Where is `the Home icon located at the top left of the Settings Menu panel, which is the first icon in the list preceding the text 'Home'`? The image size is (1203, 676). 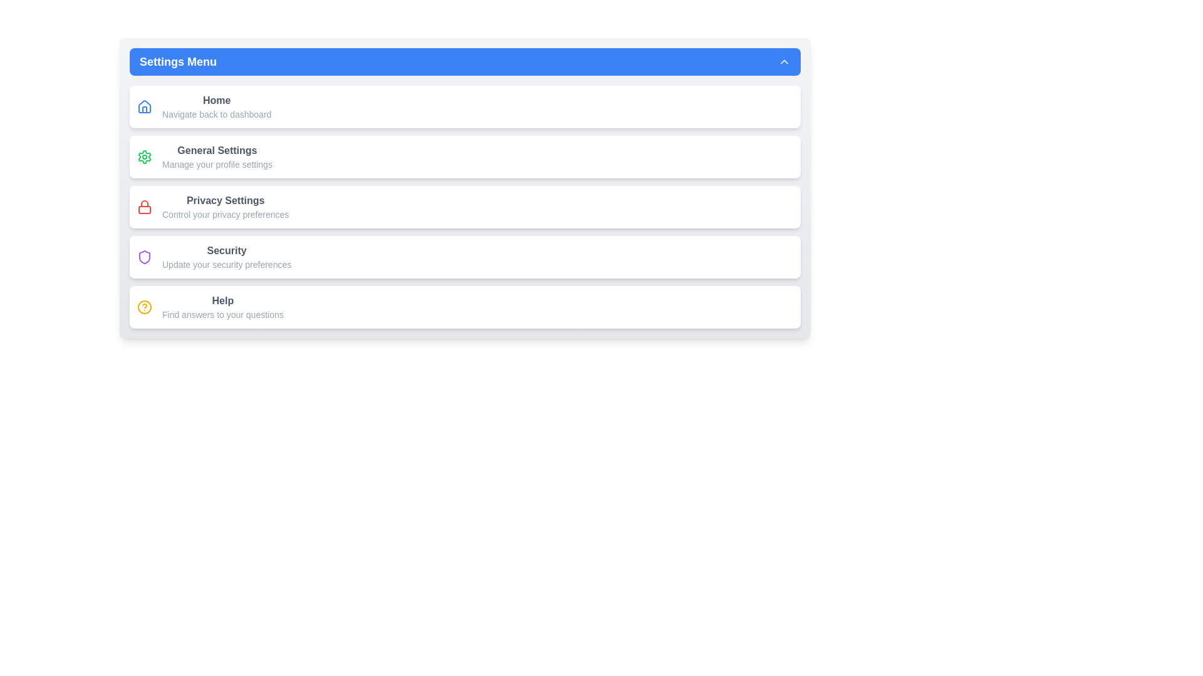
the Home icon located at the top left of the Settings Menu panel, which is the first icon in the list preceding the text 'Home' is located at coordinates (144, 106).